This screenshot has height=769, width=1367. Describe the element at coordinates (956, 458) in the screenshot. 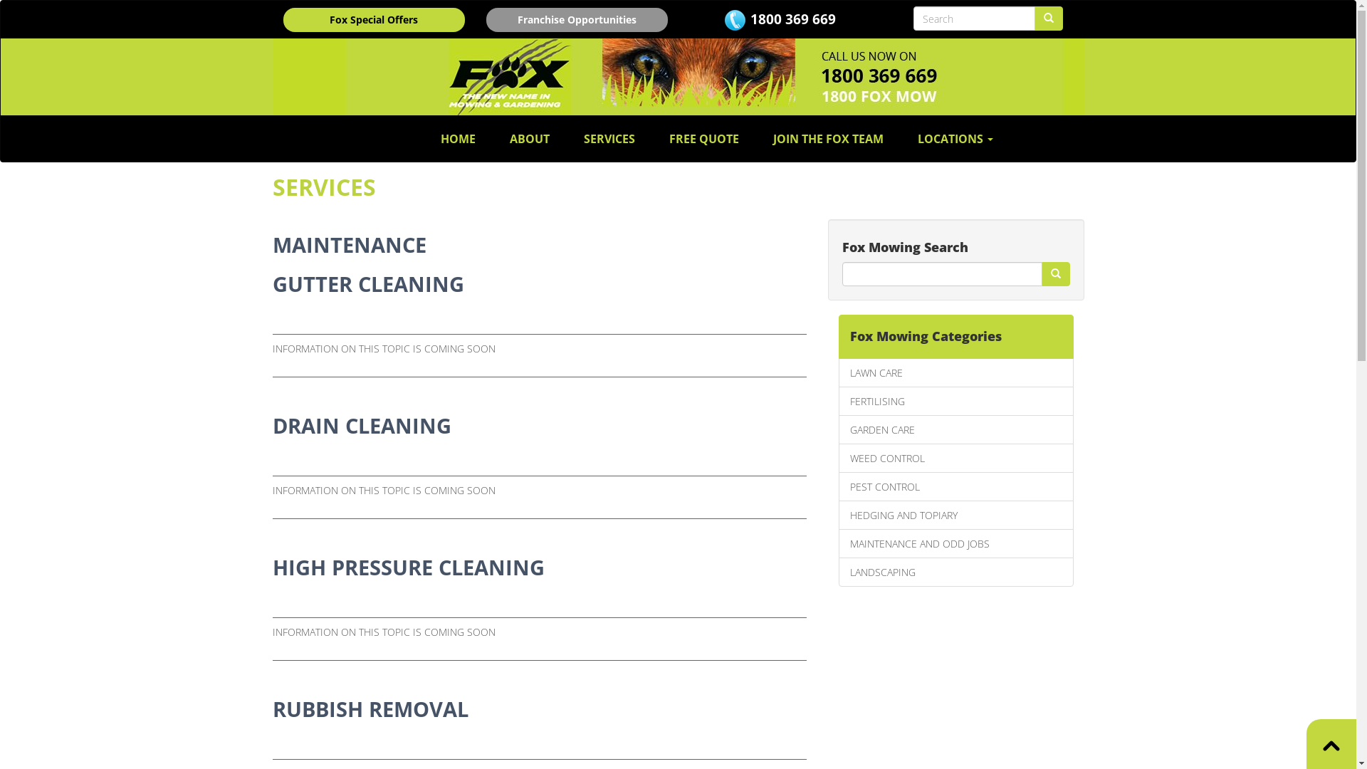

I see `'WEED CONTROL'` at that location.